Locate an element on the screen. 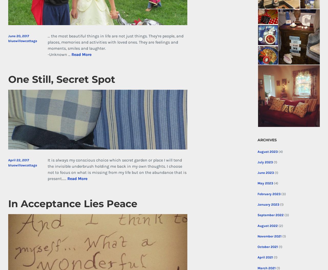 The width and height of the screenshot is (328, 270). 'January 2023' is located at coordinates (268, 204).